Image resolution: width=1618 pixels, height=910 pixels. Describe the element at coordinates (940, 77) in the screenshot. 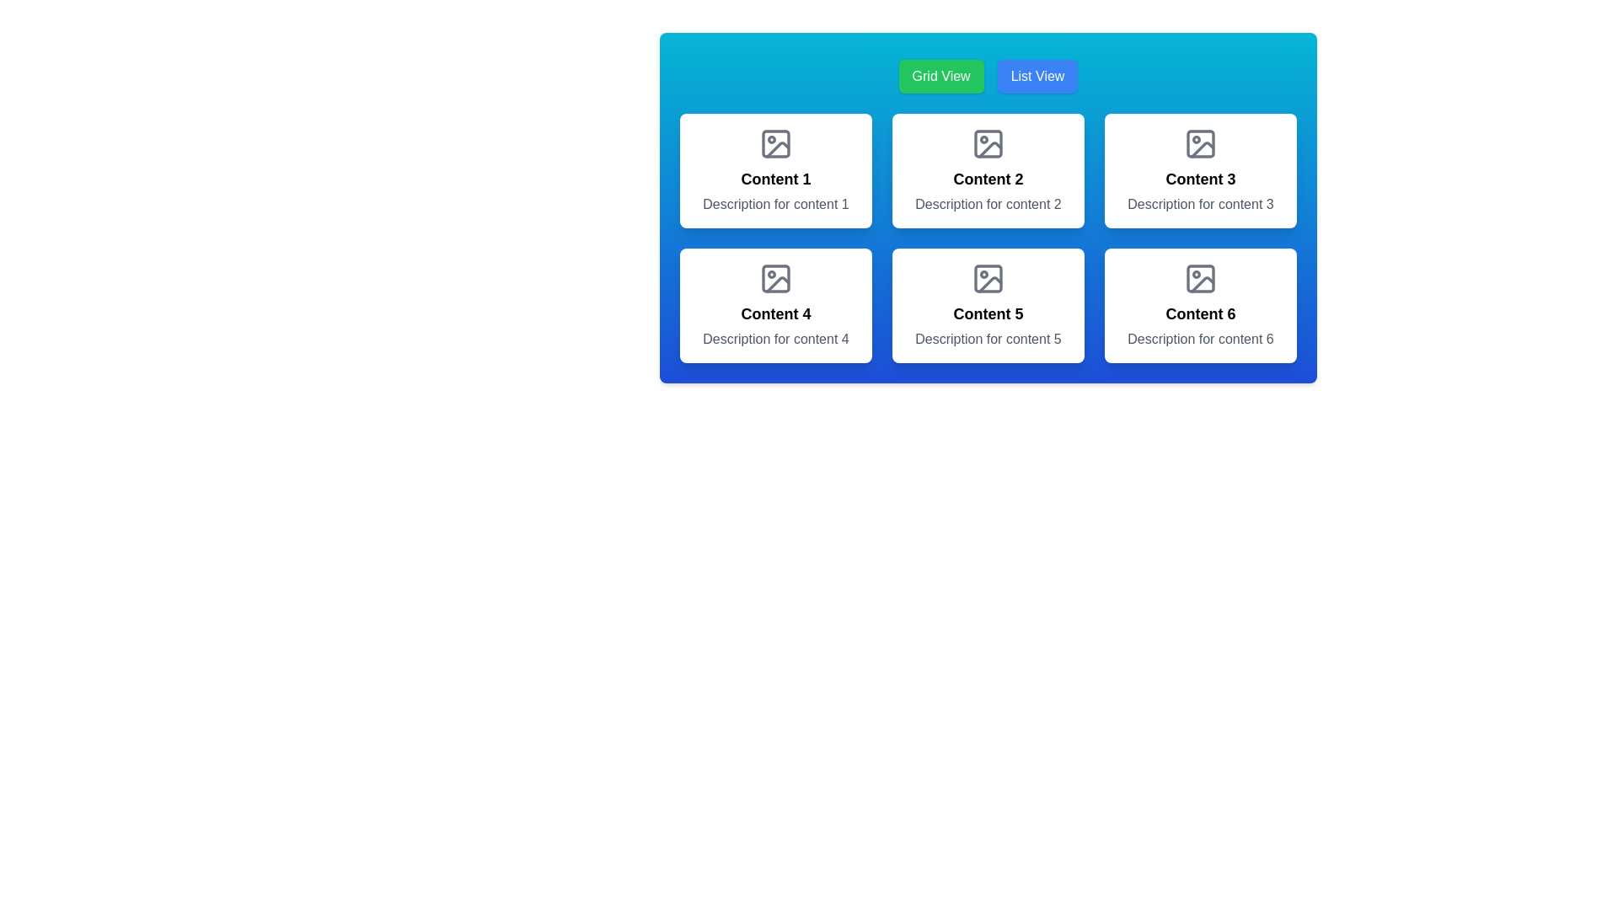

I see `the grid view button located in the top-center area of the interface` at that location.